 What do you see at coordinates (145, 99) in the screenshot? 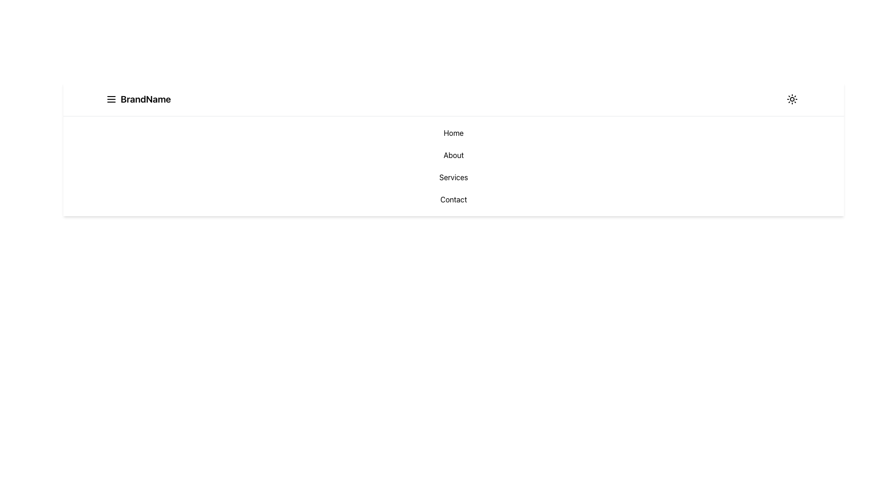
I see `the prominent label or heading text displaying 'BrandName' located in the top-left region of the interface, positioned to the right of the menu icon` at bounding box center [145, 99].